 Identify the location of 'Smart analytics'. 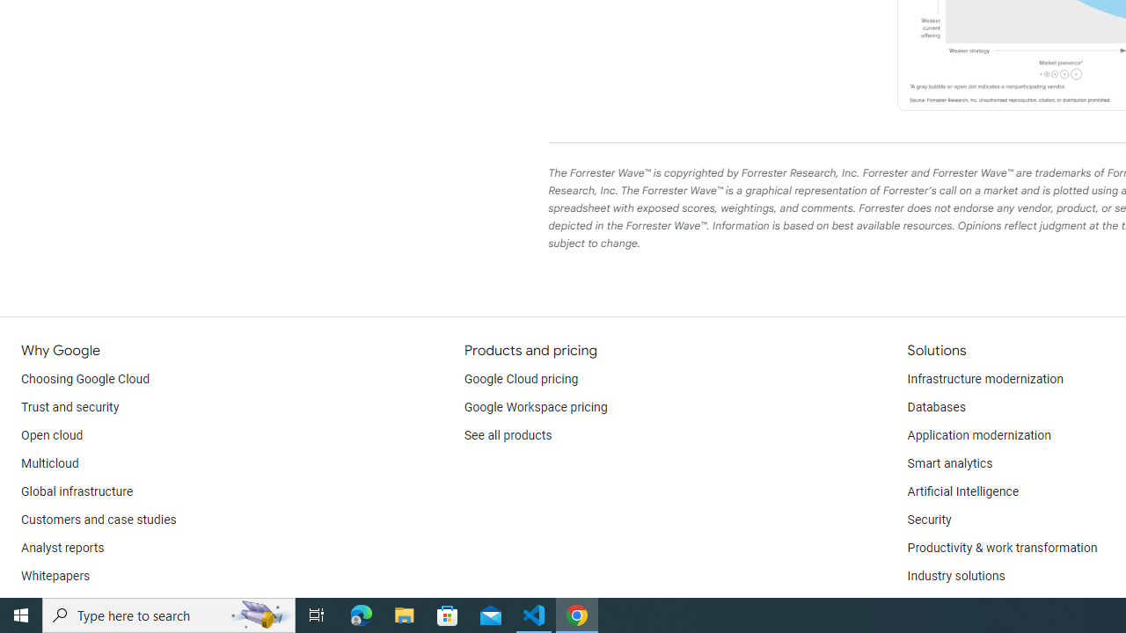
(948, 463).